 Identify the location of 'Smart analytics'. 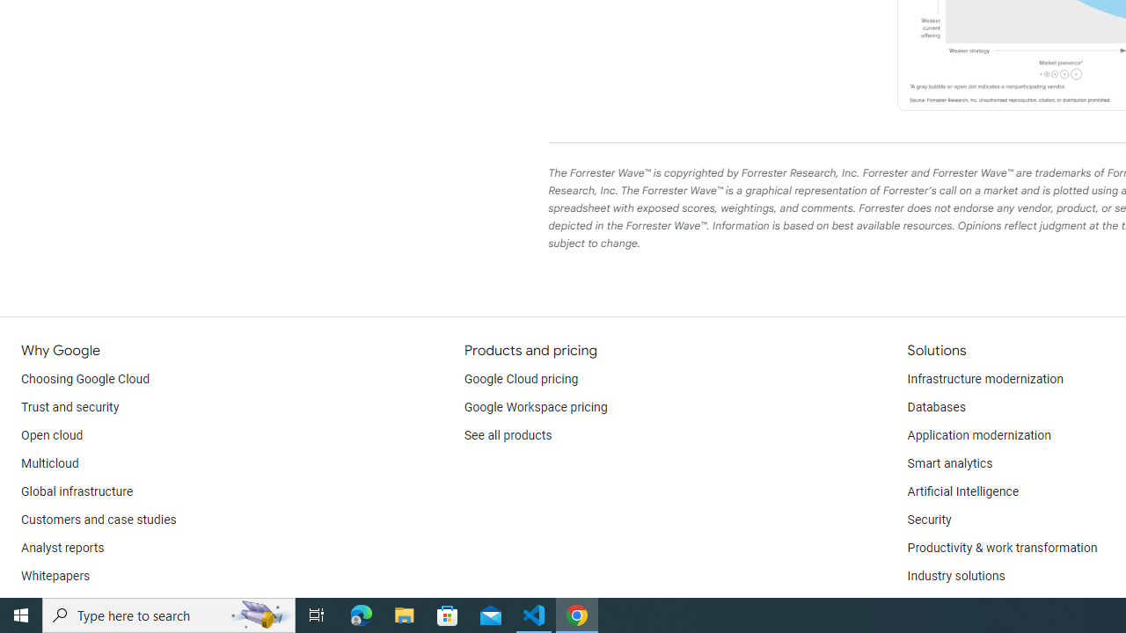
(948, 463).